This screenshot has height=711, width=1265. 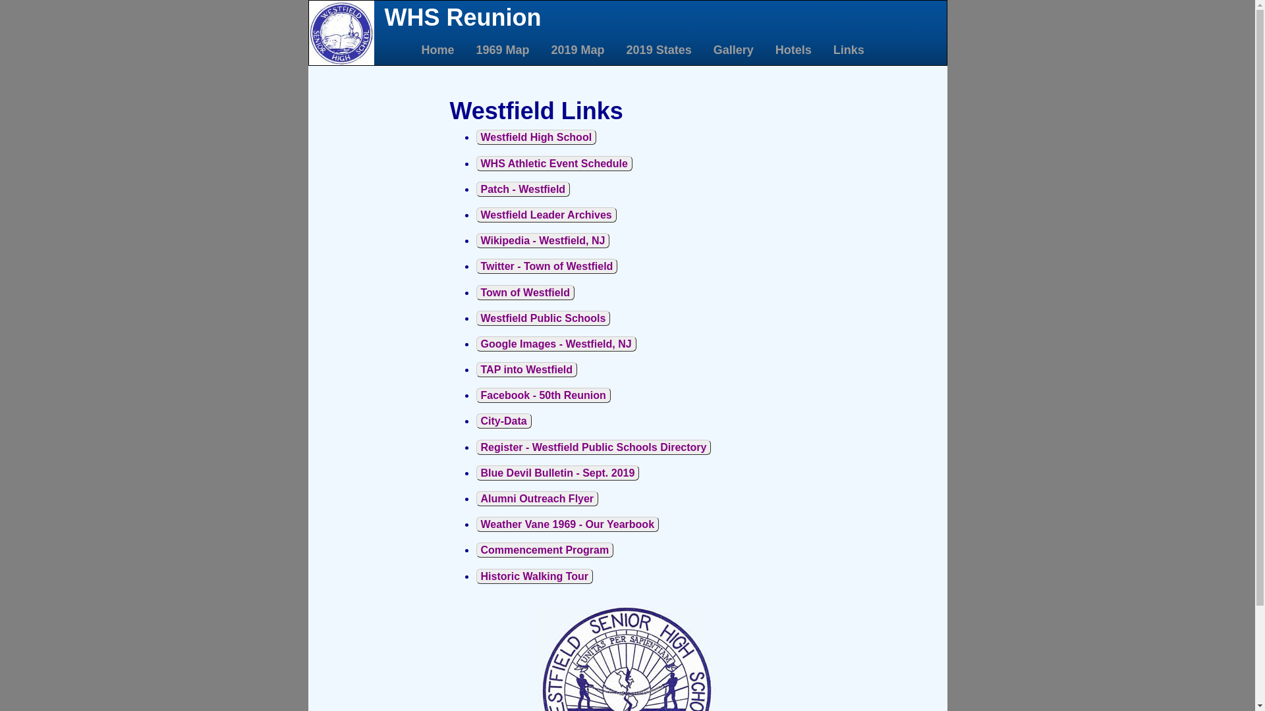 I want to click on 'Blue Devil Bulletin - Sept. 2019', so click(x=557, y=472).